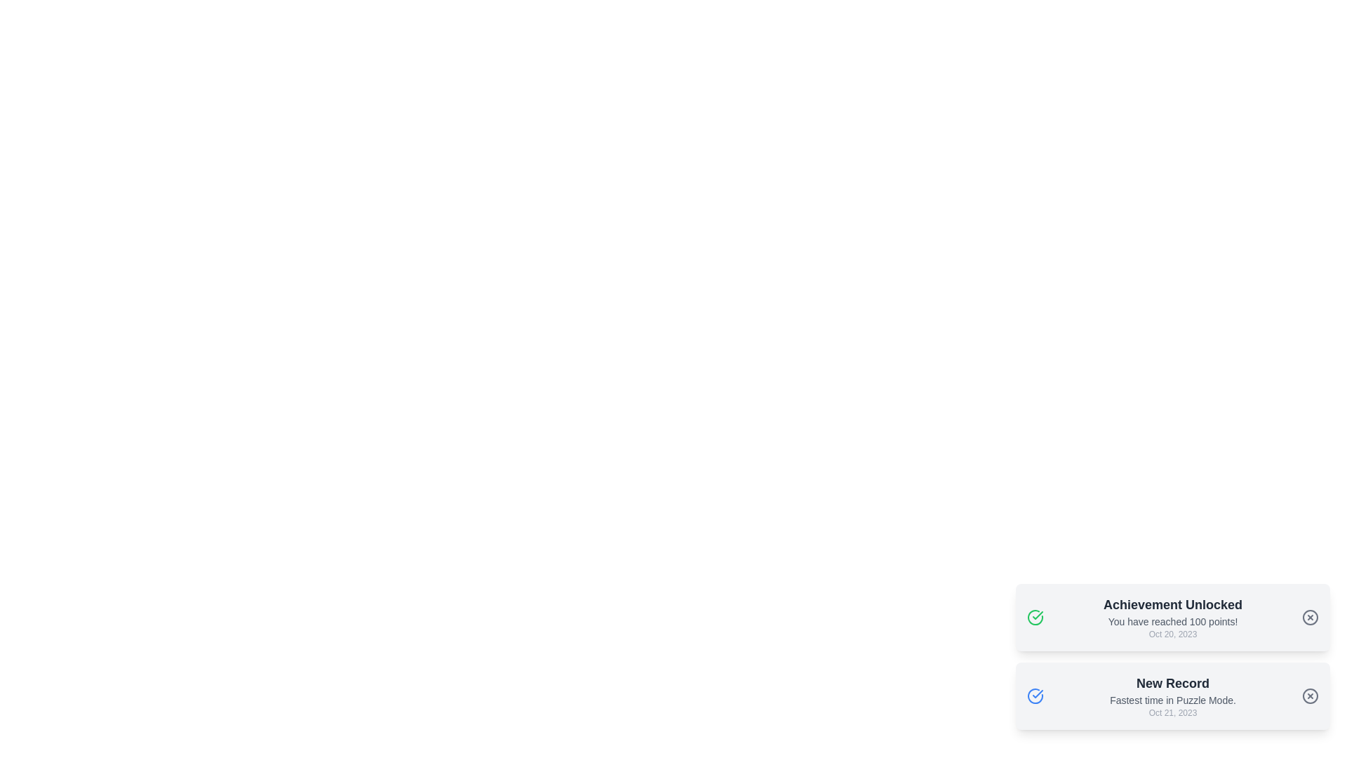 The height and width of the screenshot is (758, 1347). What do you see at coordinates (1309, 616) in the screenshot?
I see `the circular close button with an 'X' icon located in the top-right corner of the 'Achievement Unlocked' notification segment` at bounding box center [1309, 616].